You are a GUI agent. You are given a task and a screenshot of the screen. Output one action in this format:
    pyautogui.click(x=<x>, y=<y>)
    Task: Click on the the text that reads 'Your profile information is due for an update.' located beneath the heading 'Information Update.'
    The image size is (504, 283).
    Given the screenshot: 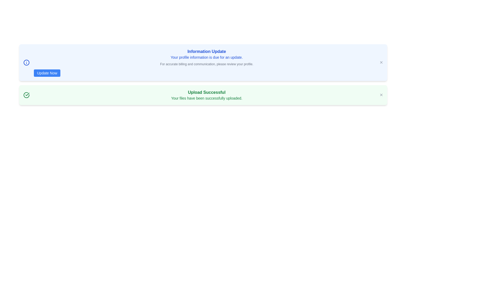 What is the action you would take?
    pyautogui.click(x=206, y=57)
    